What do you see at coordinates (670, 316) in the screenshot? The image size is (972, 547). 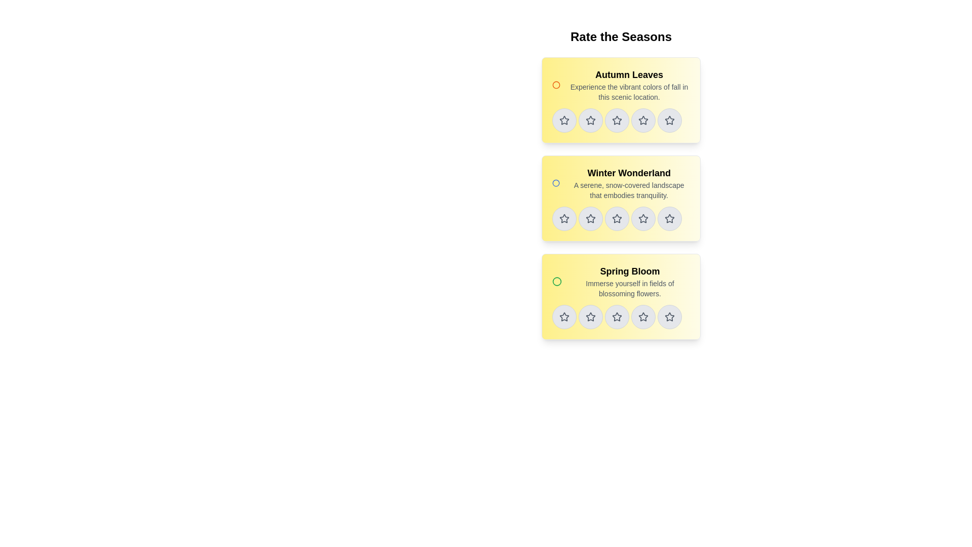 I see `the interactive star icon used for rating the 'Spring Bloom' card's content` at bounding box center [670, 316].